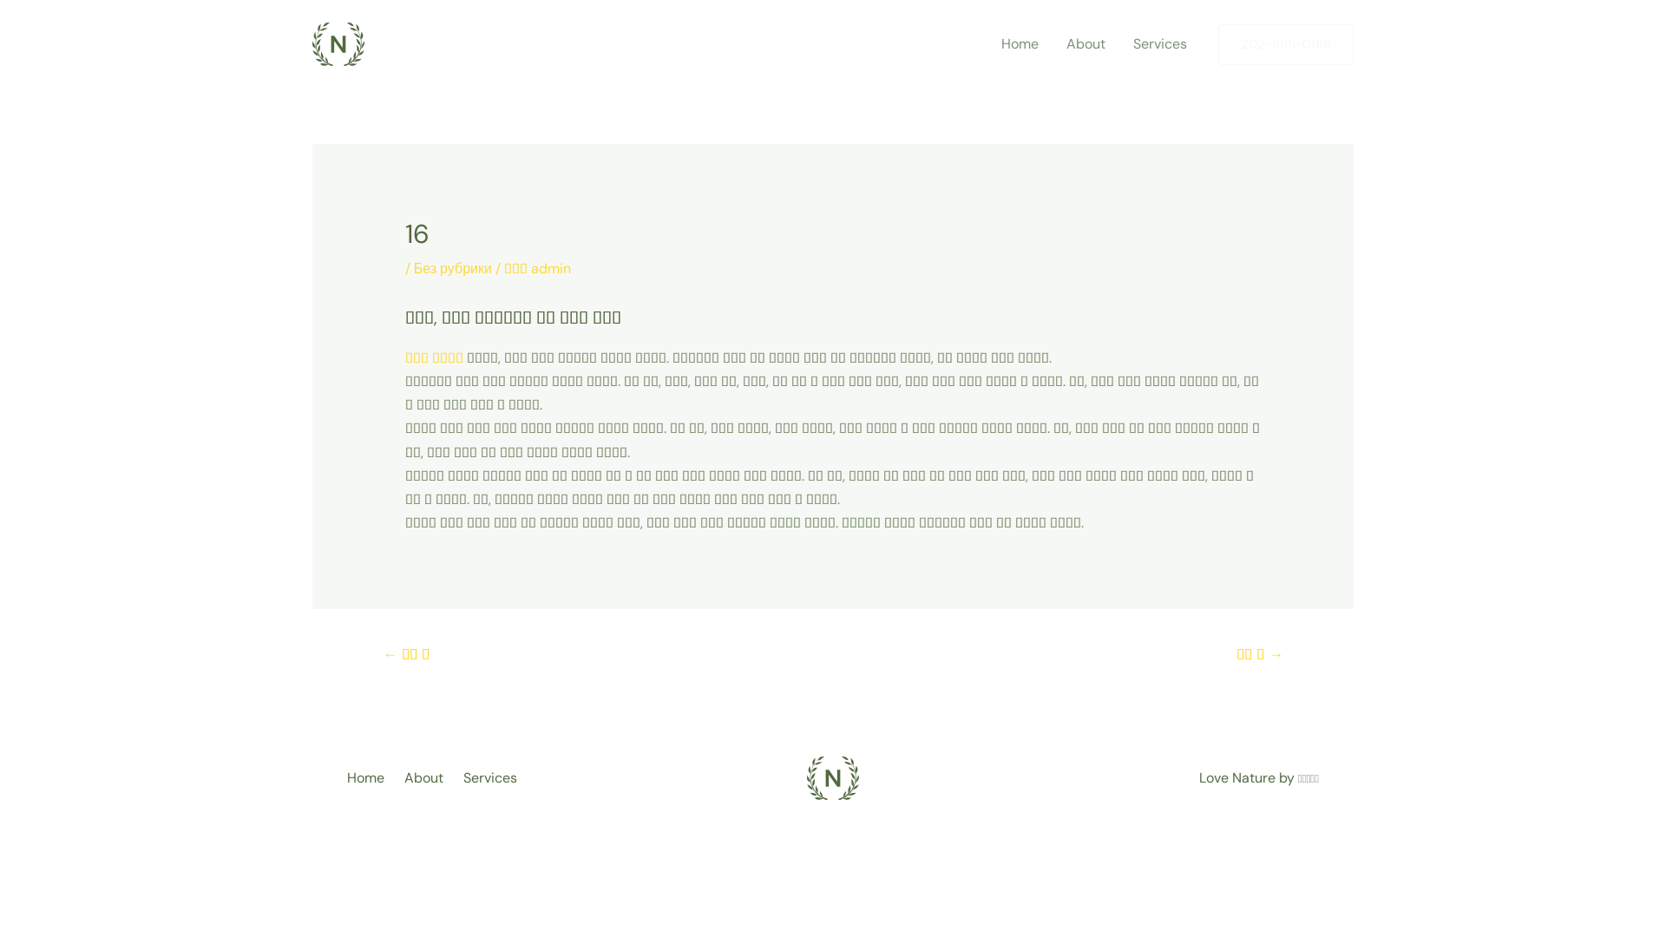  I want to click on 'Home', so click(346, 776).